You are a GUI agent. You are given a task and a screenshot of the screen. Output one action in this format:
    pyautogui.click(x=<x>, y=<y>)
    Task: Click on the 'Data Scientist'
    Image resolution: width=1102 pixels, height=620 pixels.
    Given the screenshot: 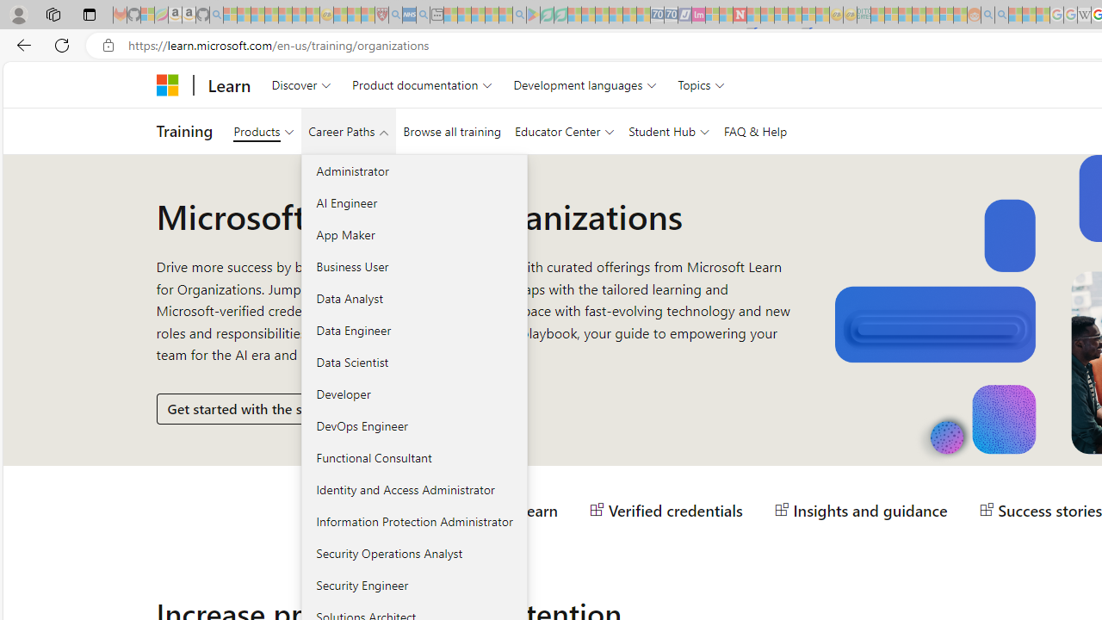 What is the action you would take?
    pyautogui.click(x=414, y=361)
    